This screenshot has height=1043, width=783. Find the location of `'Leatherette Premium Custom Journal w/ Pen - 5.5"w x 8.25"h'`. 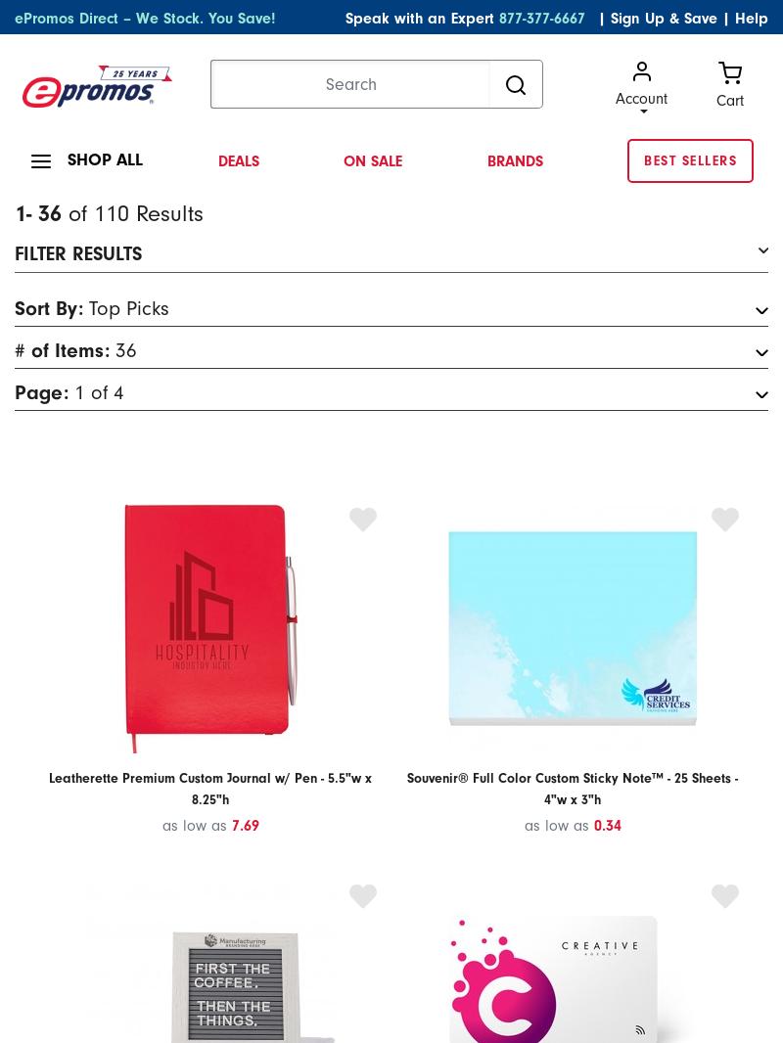

'Leatherette Premium Custom Journal w/ Pen - 5.5"w x 8.25"h' is located at coordinates (209, 788).